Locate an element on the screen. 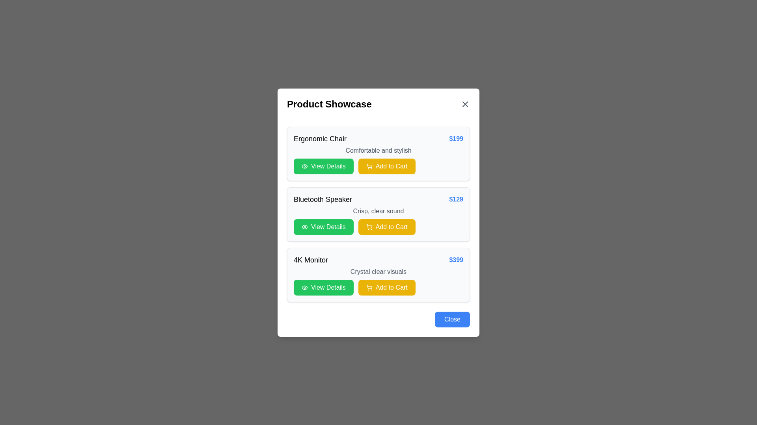 This screenshot has height=425, width=757. the green rounded rectangular button with white text and a small white eye icon is located at coordinates (323, 166).